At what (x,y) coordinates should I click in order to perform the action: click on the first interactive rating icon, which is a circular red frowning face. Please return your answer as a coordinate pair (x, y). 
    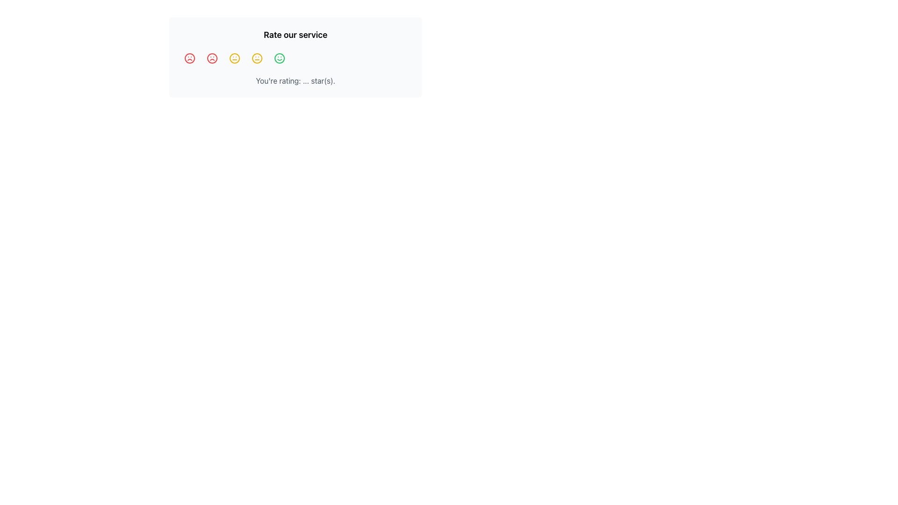
    Looking at the image, I should click on (189, 58).